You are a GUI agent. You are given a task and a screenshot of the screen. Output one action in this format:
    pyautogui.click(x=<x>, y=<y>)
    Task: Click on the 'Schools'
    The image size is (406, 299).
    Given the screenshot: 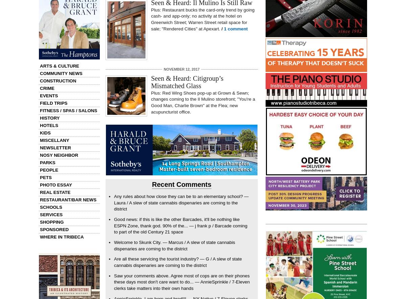 What is the action you would take?
    pyautogui.click(x=51, y=207)
    